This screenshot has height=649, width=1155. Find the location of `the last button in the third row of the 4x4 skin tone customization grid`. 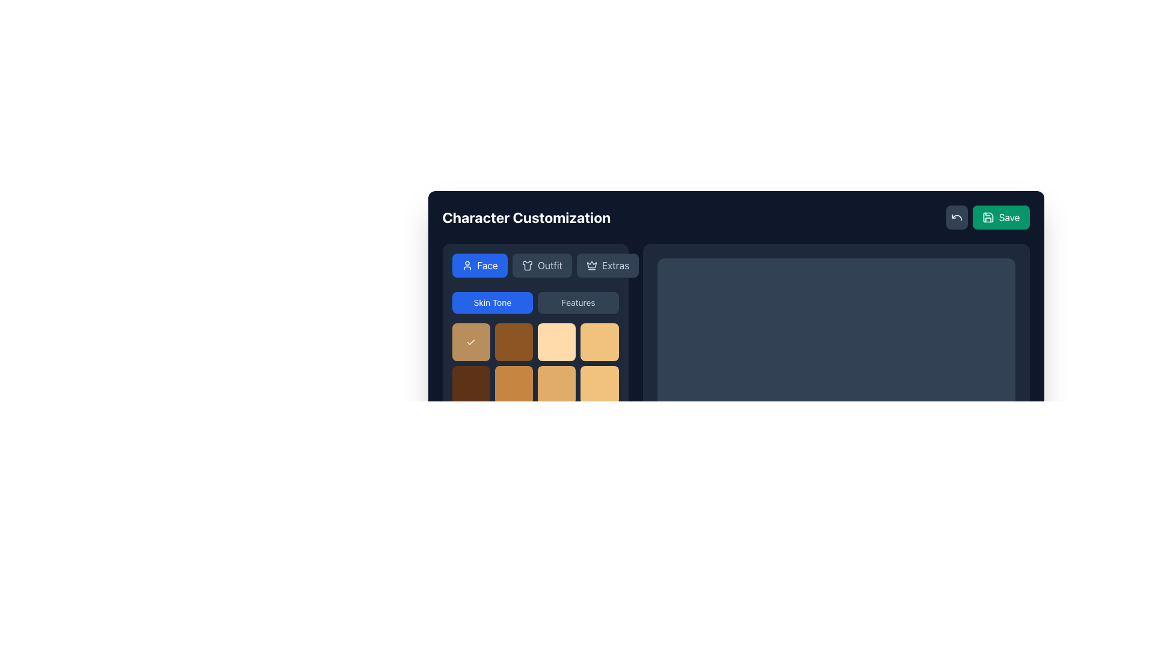

the last button in the third row of the 4x4 skin tone customization grid is located at coordinates (556, 385).